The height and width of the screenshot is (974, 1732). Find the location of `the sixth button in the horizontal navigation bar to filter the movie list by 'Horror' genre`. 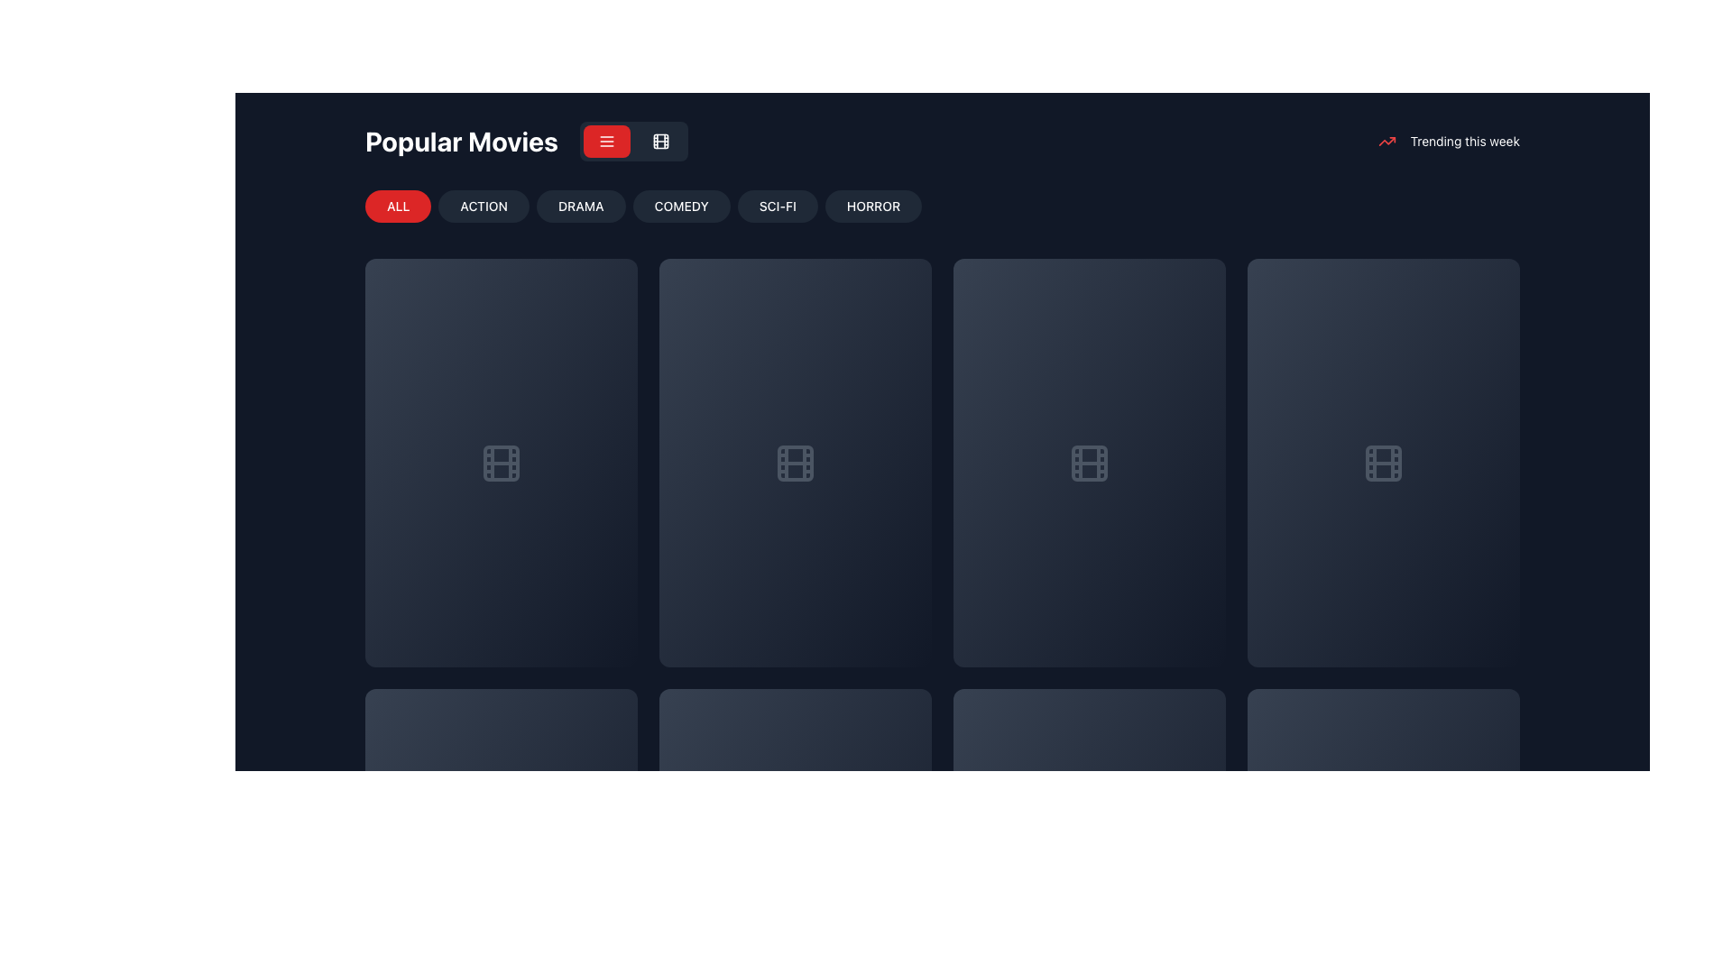

the sixth button in the horizontal navigation bar to filter the movie list by 'Horror' genre is located at coordinates (873, 205).